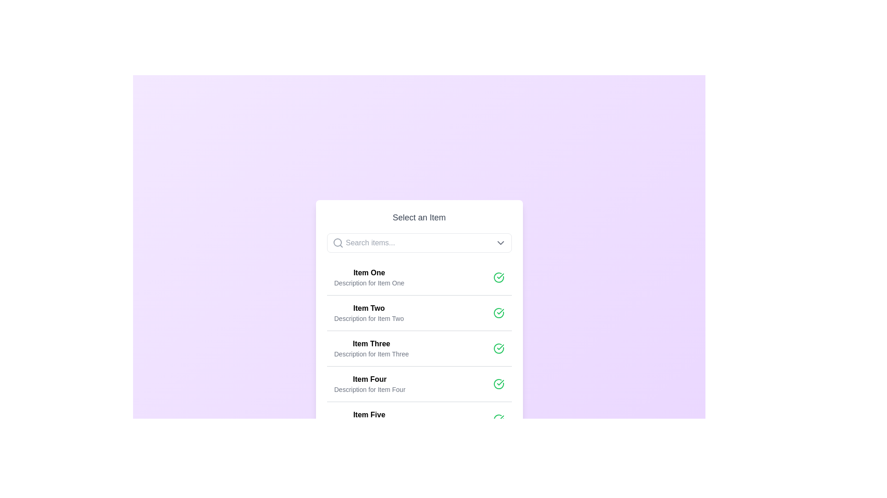  I want to click on the fifth item in the vertically-aligned list, so click(369, 420).